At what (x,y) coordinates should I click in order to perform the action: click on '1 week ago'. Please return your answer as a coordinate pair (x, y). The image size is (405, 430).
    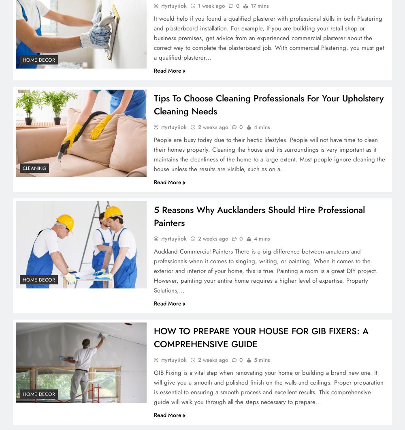
    Looking at the image, I should click on (211, 71).